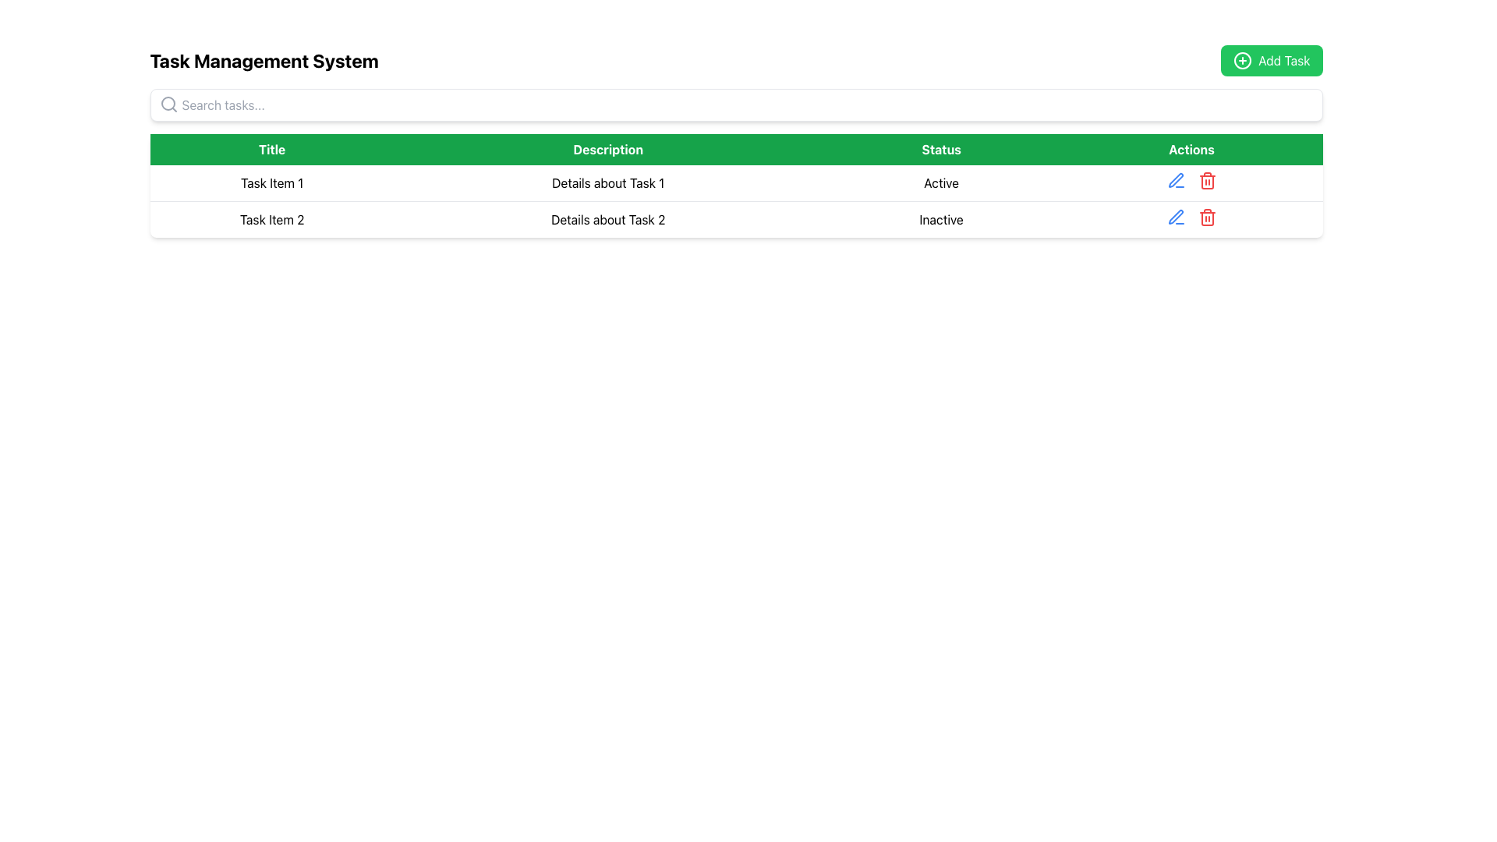 This screenshot has width=1497, height=842. Describe the element at coordinates (1242, 59) in the screenshot. I see `the circular green icon with a white plus sign at the top-right corner of the interface` at that location.